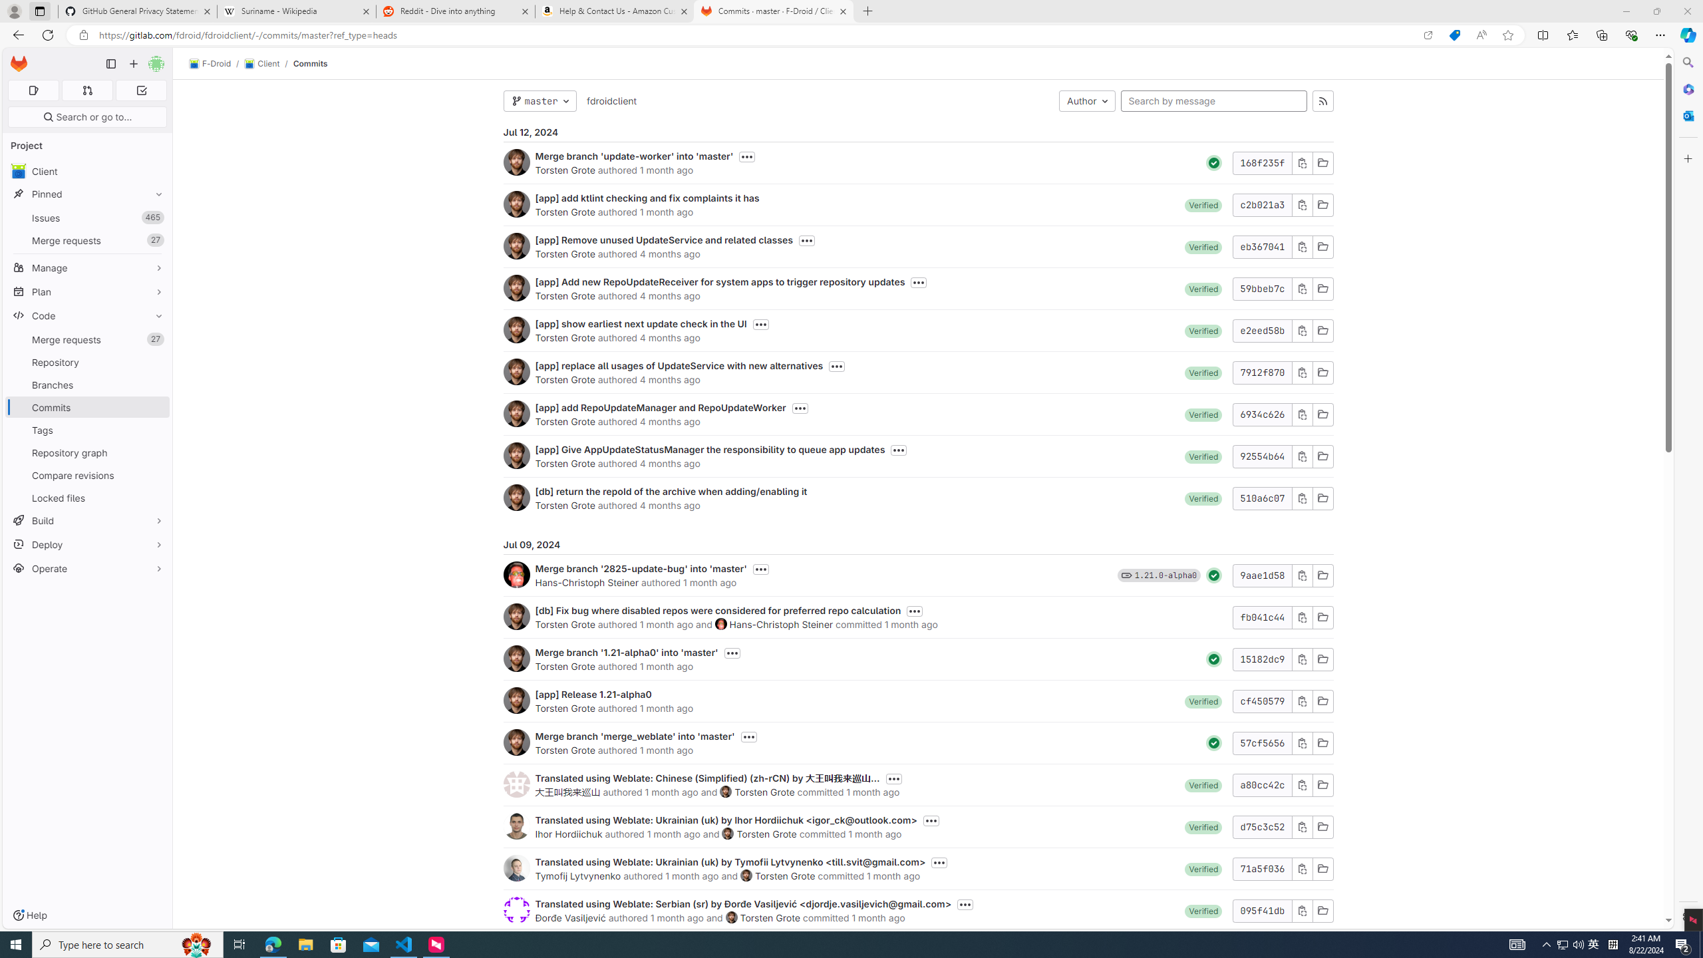 This screenshot has height=958, width=1703. Describe the element at coordinates (29, 914) in the screenshot. I see `'Help'` at that location.